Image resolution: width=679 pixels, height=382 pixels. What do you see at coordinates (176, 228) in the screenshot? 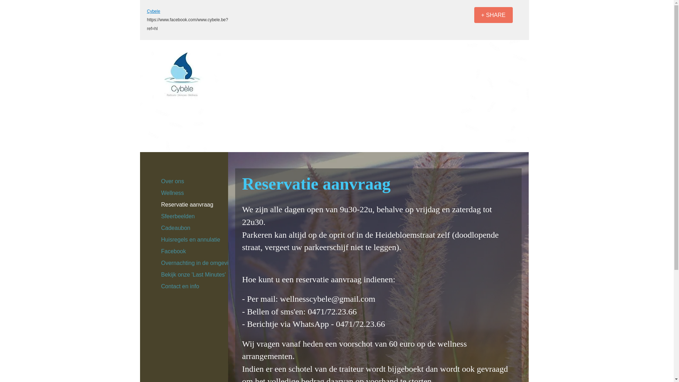
I see `'Cadeaubon'` at bounding box center [176, 228].